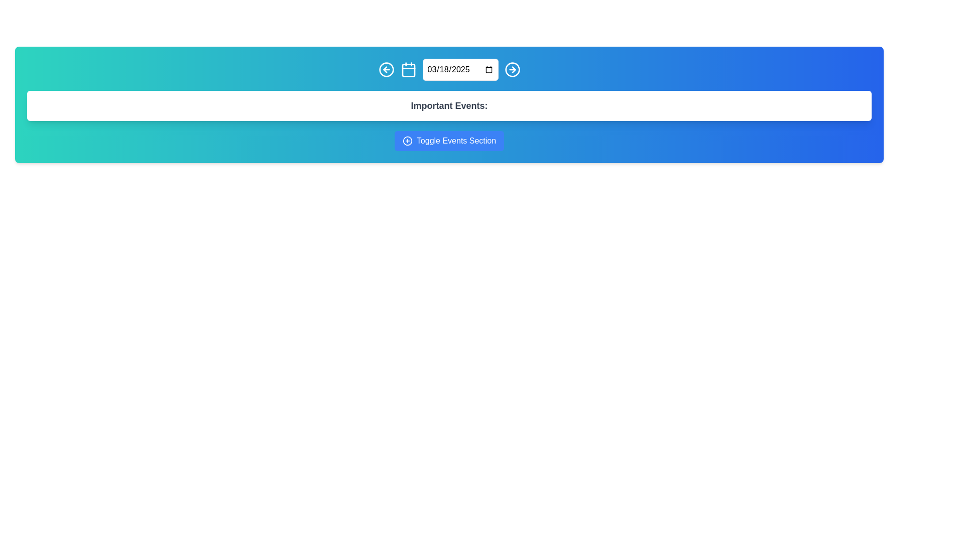 The image size is (964, 542). Describe the element at coordinates (386, 69) in the screenshot. I see `the circular icon with a left-pointing arrow` at that location.